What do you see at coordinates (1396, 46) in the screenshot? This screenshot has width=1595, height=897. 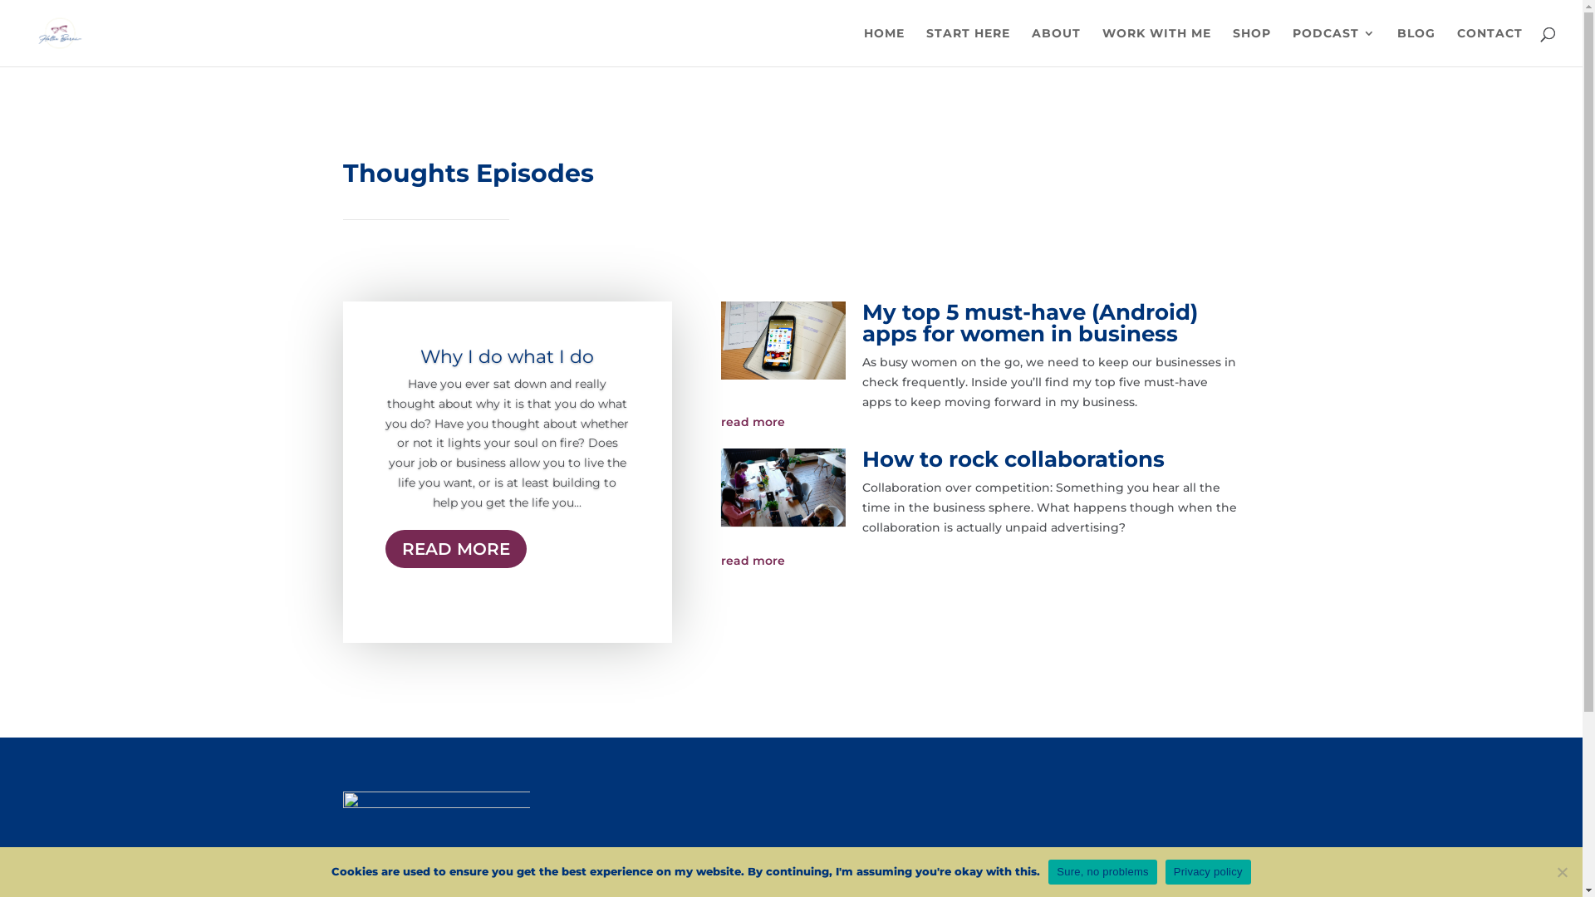 I see `'BLOG'` at bounding box center [1396, 46].